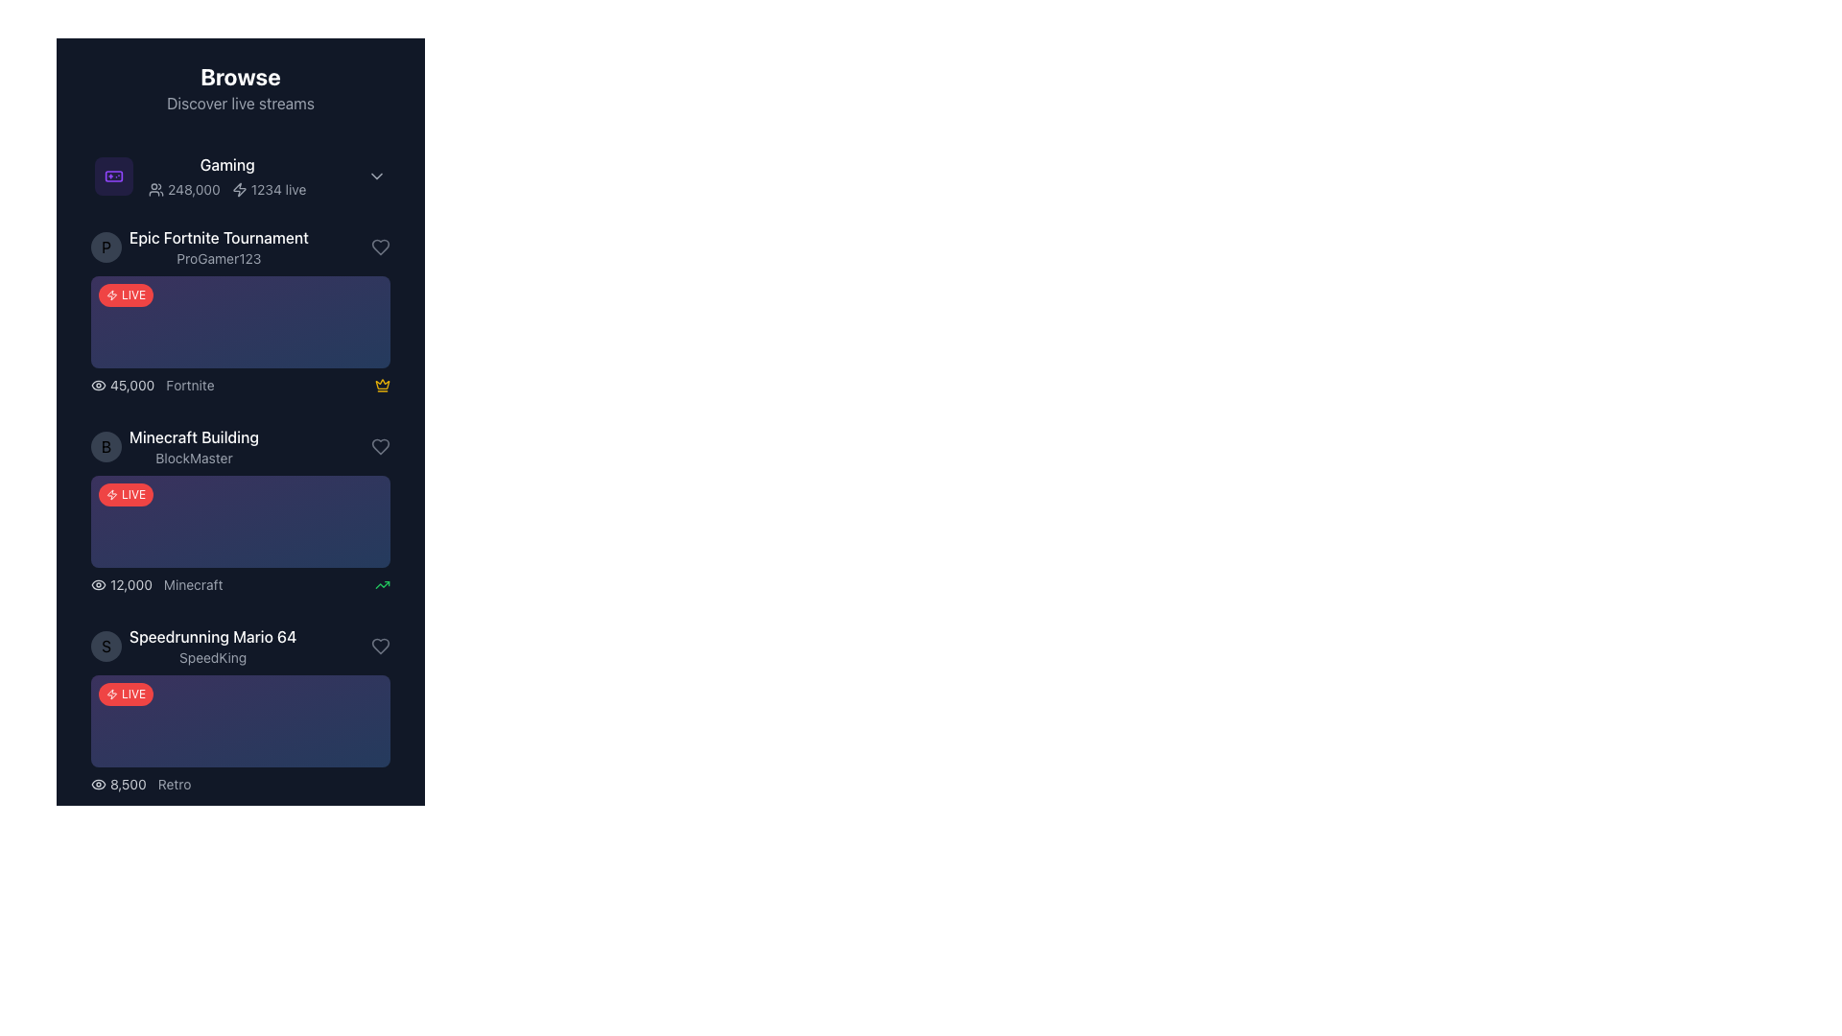 Image resolution: width=1842 pixels, height=1036 pixels. Describe the element at coordinates (193, 583) in the screenshot. I see `the text label indicating the category or game associated with the live stream entry, located to the right of the viewer count and below 'Minecraft Building'` at that location.